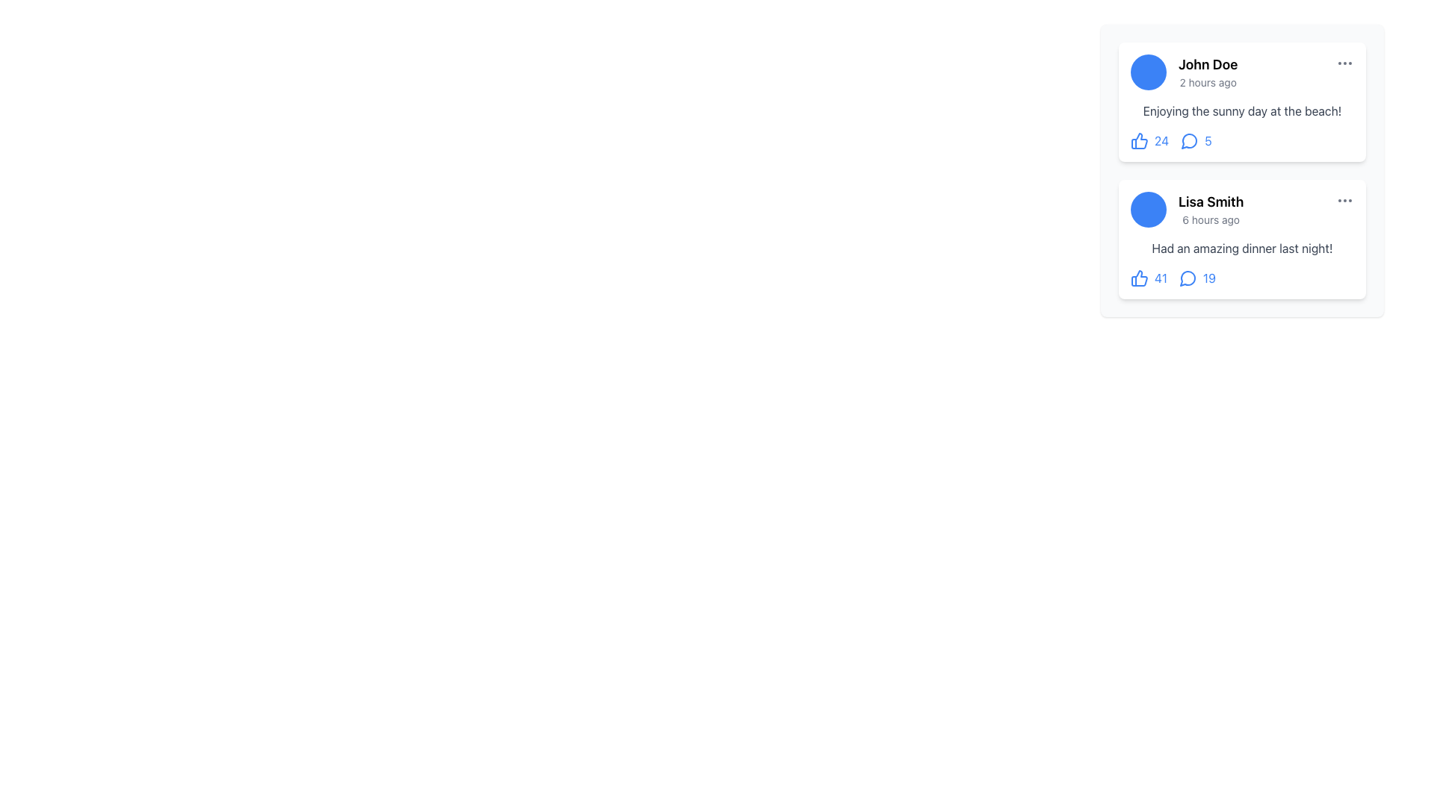 The width and height of the screenshot is (1434, 806). What do you see at coordinates (1196, 141) in the screenshot?
I see `the comment count button for John's post, which is the second interactive item in the bar below the post` at bounding box center [1196, 141].